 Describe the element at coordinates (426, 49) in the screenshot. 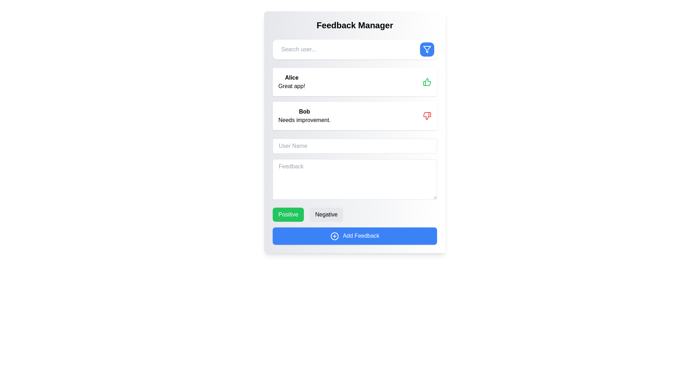

I see `the filter icon located in the top-right corner of the application interface, which is inside a blue circular button adjacent to the 'Search user...' input field` at that location.